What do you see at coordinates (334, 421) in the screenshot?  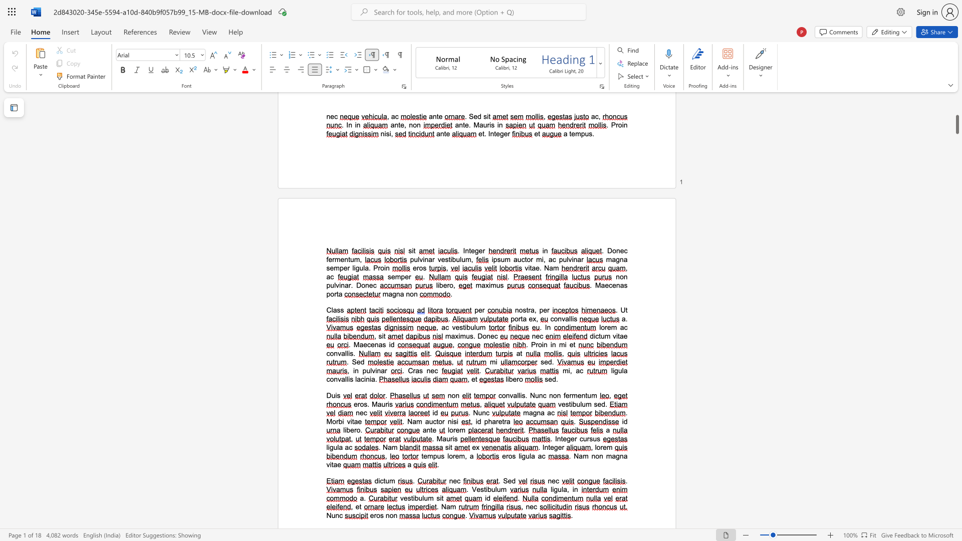 I see `the 1th character "o" in the text` at bounding box center [334, 421].